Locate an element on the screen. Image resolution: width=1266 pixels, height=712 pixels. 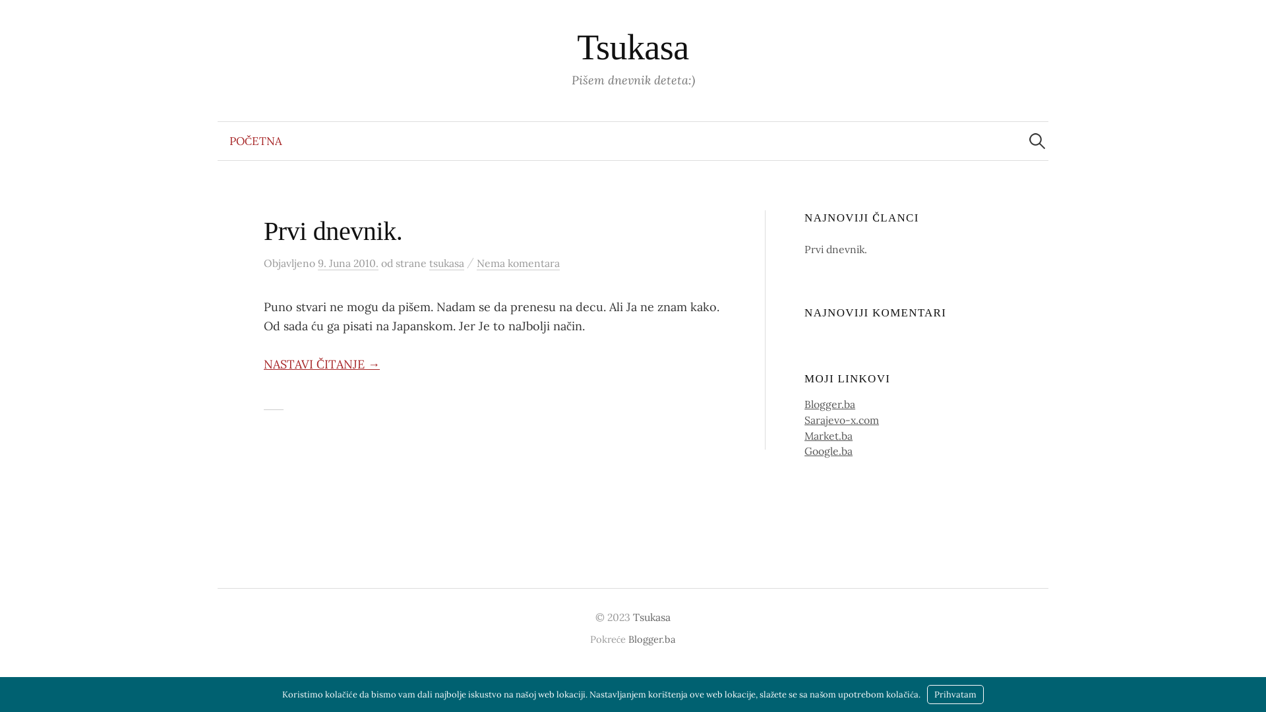
'Nema komentara is located at coordinates (518, 263).